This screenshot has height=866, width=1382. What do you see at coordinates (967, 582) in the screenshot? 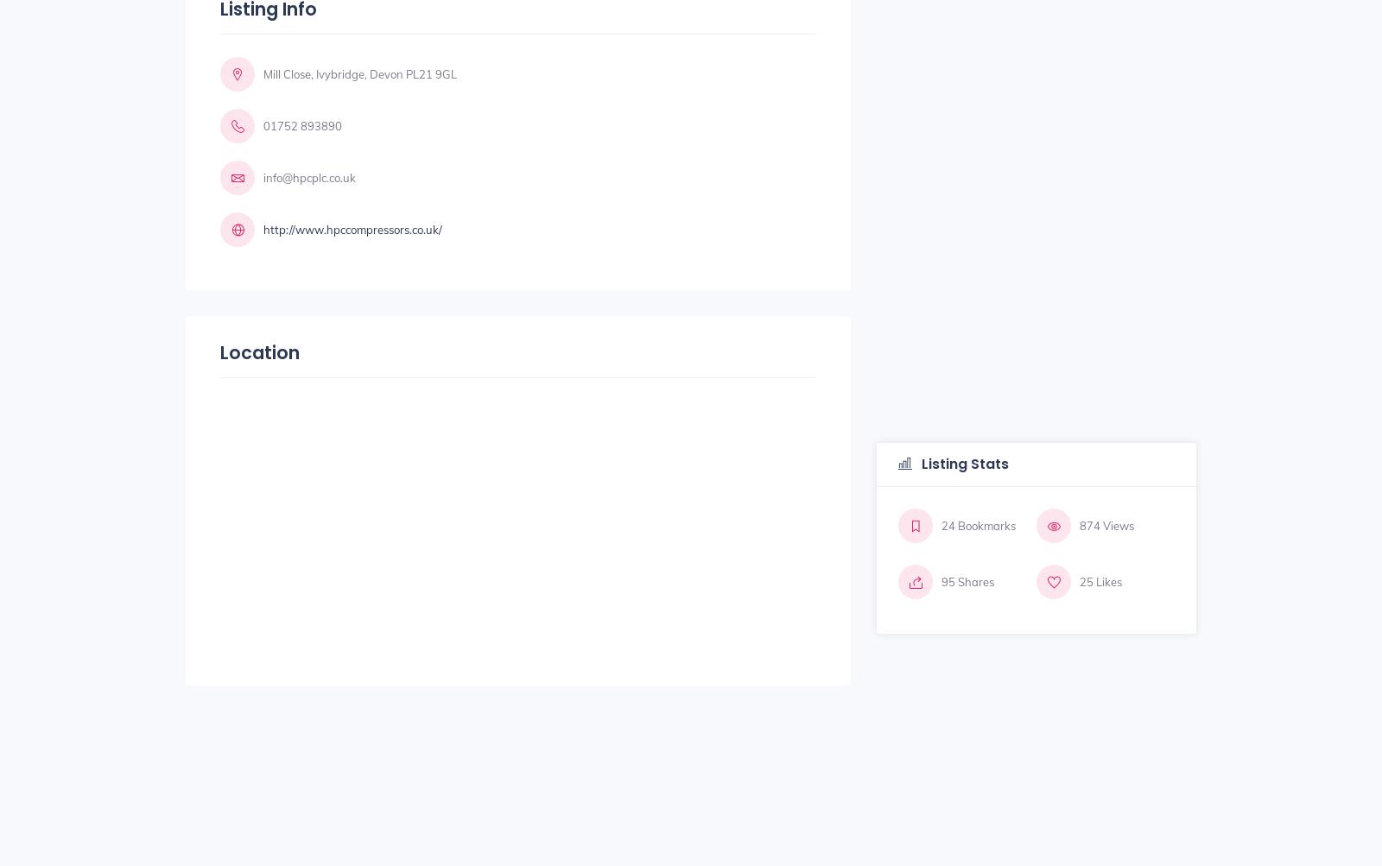
I see `'95 Shares'` at bounding box center [967, 582].